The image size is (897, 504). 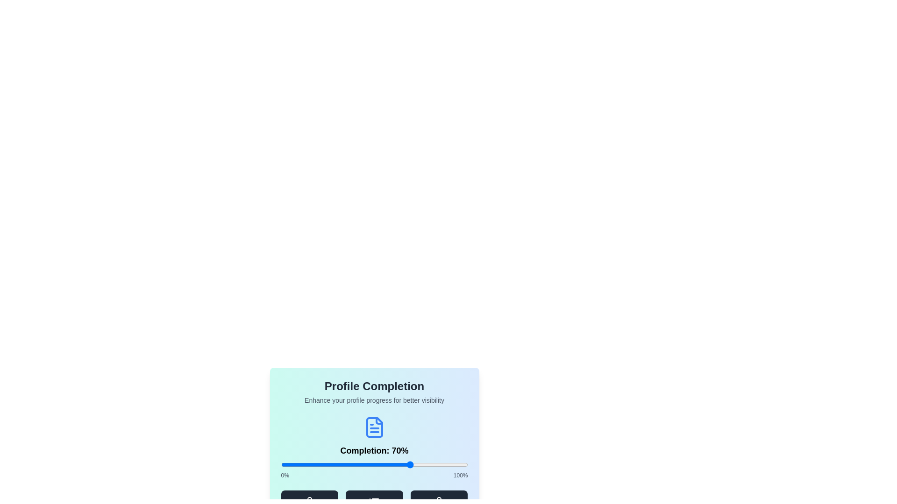 I want to click on the profile completion slider, so click(x=449, y=464).